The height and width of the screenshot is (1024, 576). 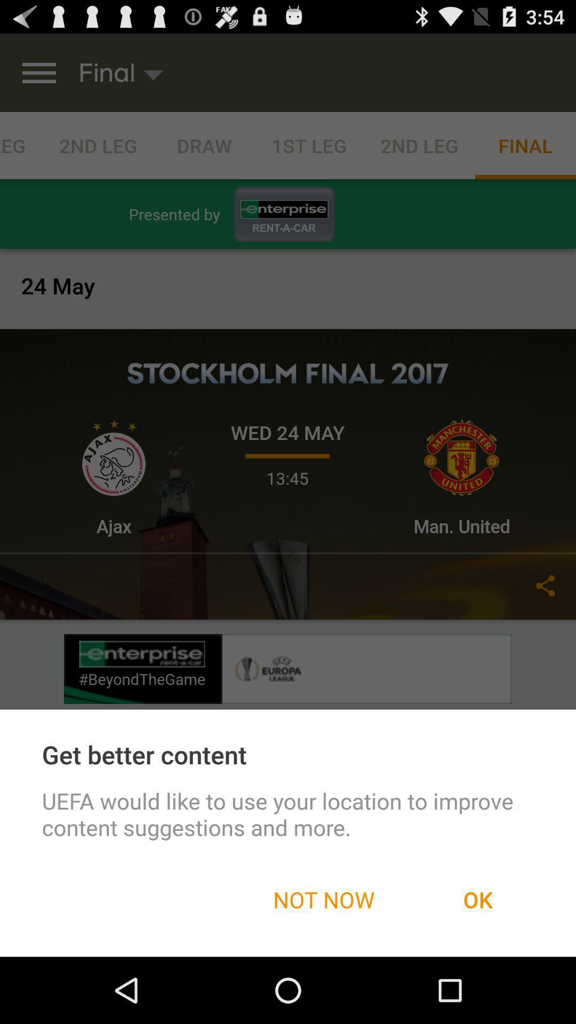 What do you see at coordinates (323, 899) in the screenshot?
I see `not now item` at bounding box center [323, 899].